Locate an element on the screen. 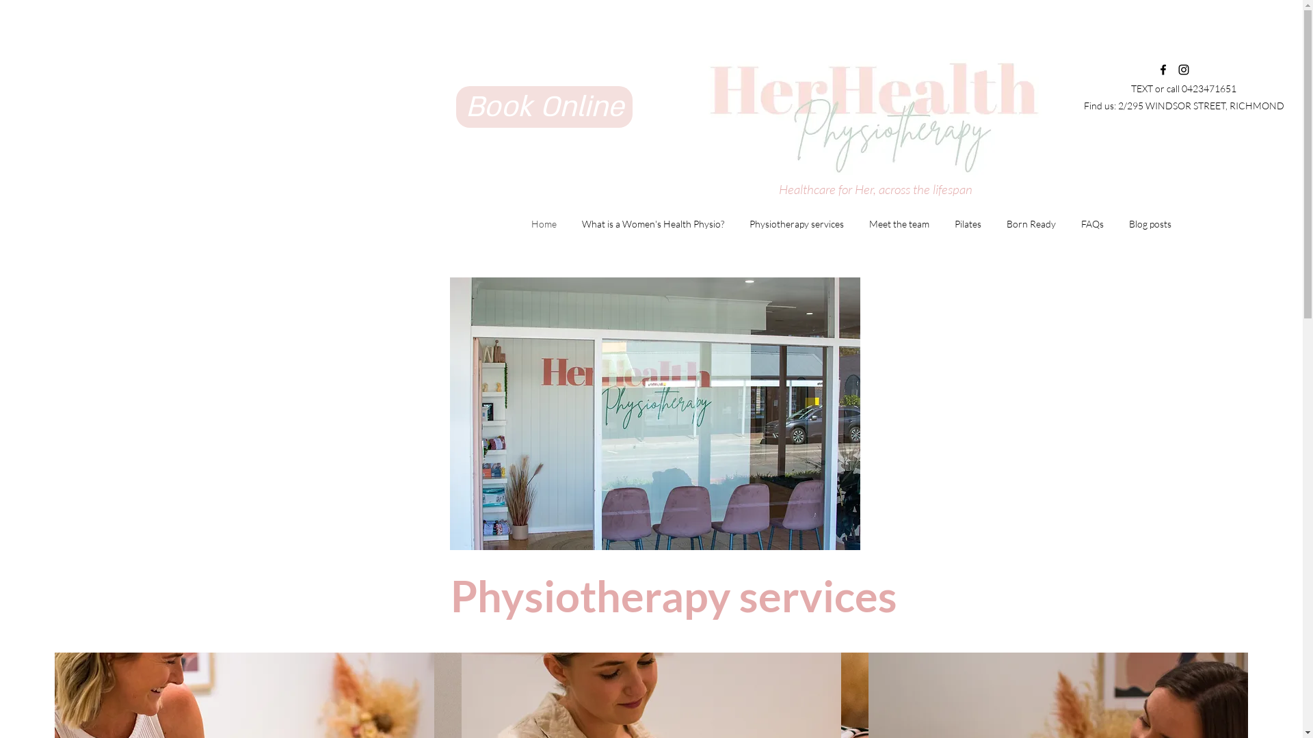  'IMG_1898.jpg' is located at coordinates (864, 111).